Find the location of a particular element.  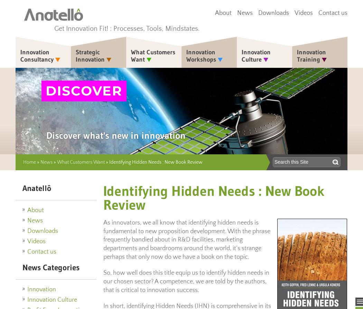

'» Identifying Hidden Needs : New Book Review' is located at coordinates (153, 162).